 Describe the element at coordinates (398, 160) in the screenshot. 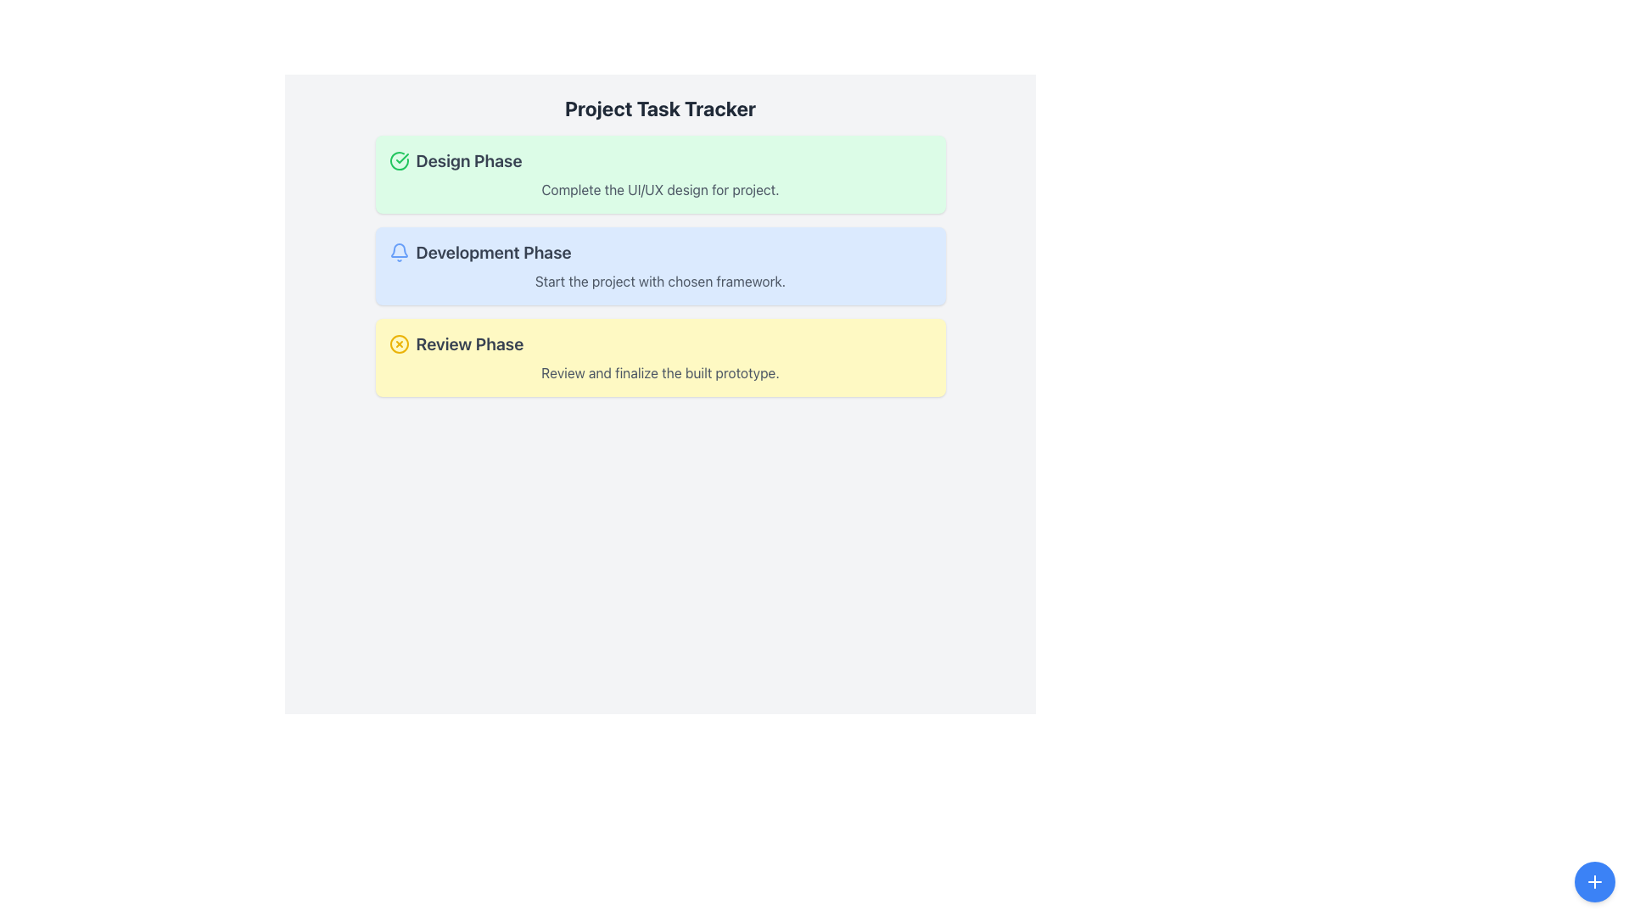

I see `the status indicator icon, which is a circular icon filled with a green checkmark, located in the 'Design Phase' section of the 'Project Task Tracker' layout, preceding the text 'Design Phase'` at that location.